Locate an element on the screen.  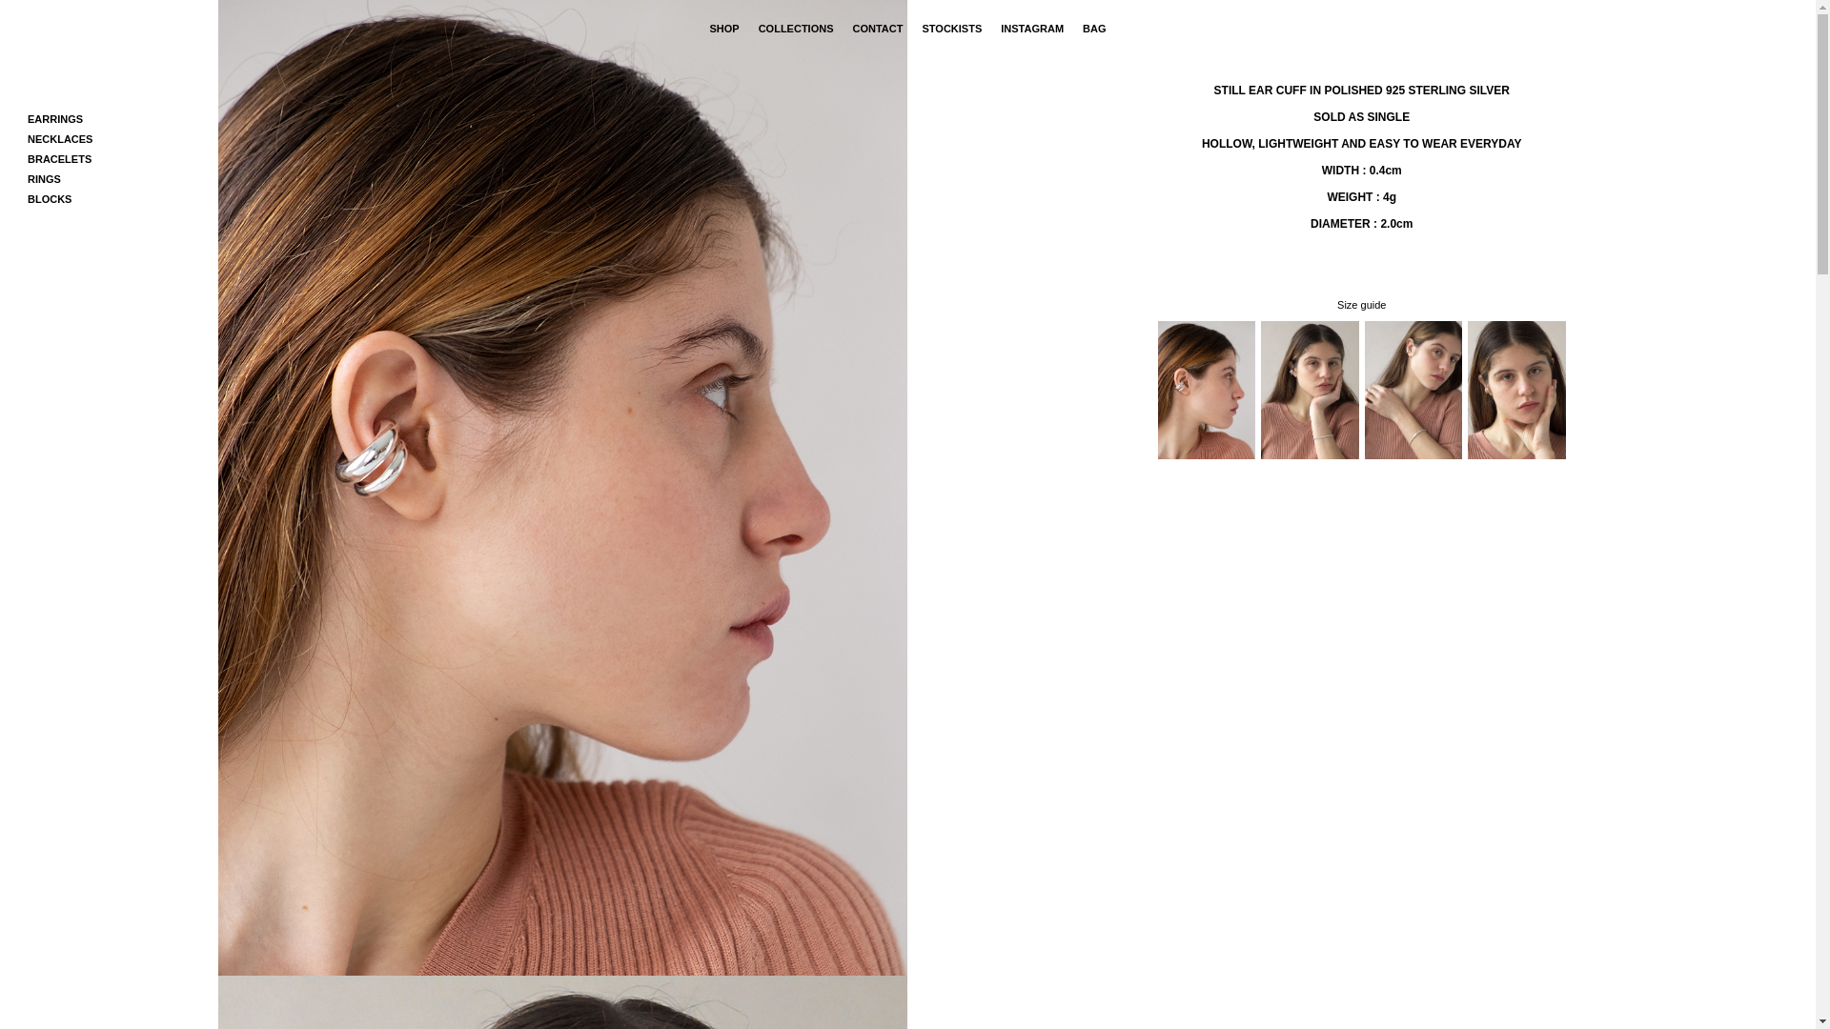
'BLOCKS' is located at coordinates (50, 198).